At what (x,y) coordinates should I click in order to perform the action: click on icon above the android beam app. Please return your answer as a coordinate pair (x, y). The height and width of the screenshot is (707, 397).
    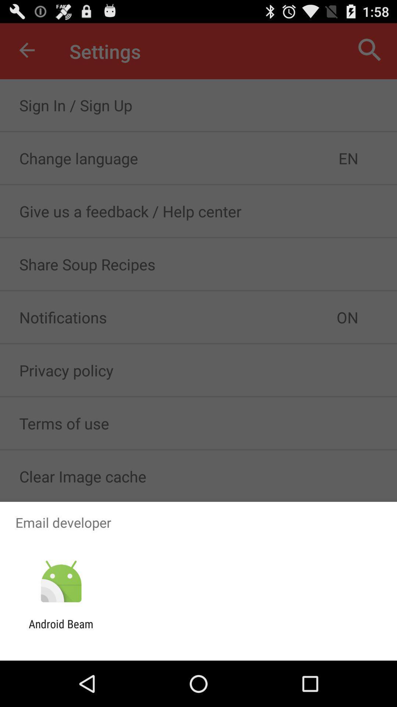
    Looking at the image, I should click on (61, 581).